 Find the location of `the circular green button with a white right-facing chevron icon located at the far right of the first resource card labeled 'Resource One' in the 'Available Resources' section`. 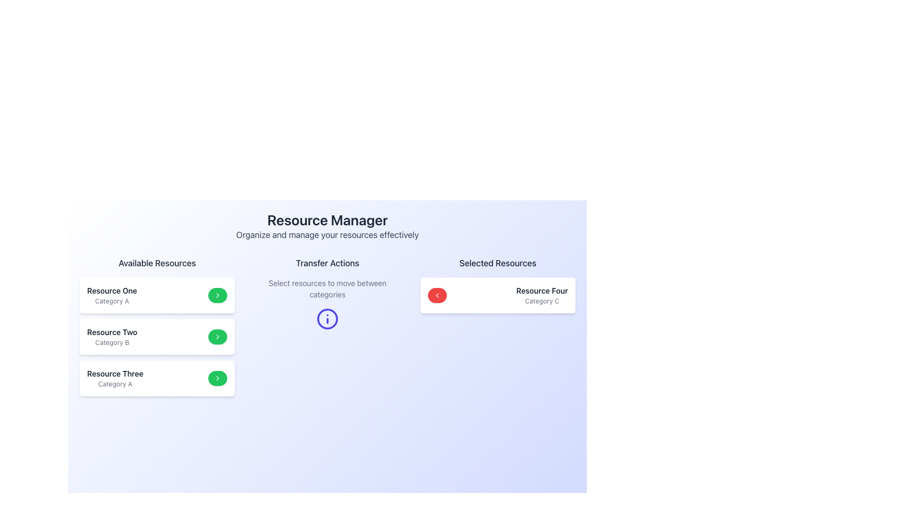

the circular green button with a white right-facing chevron icon located at the far right of the first resource card labeled 'Resource One' in the 'Available Resources' section is located at coordinates (217, 295).